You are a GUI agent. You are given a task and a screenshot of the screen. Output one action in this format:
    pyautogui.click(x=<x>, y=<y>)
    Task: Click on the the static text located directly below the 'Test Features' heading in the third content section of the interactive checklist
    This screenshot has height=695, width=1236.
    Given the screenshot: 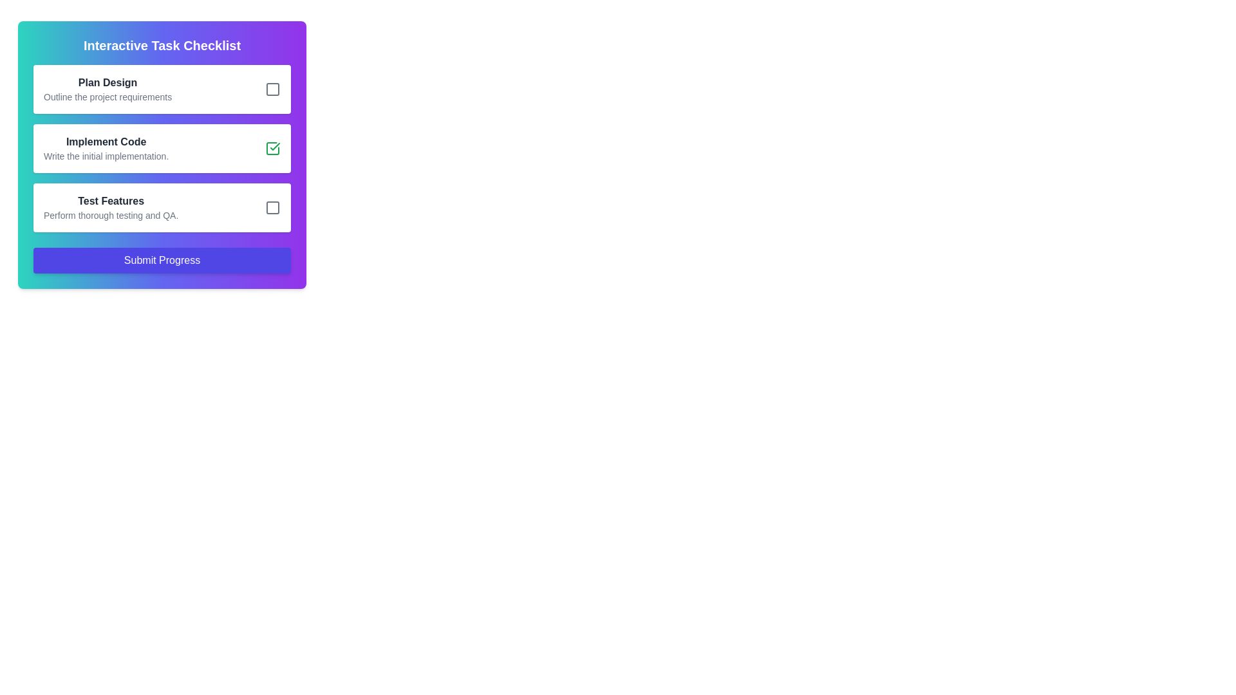 What is the action you would take?
    pyautogui.click(x=111, y=215)
    